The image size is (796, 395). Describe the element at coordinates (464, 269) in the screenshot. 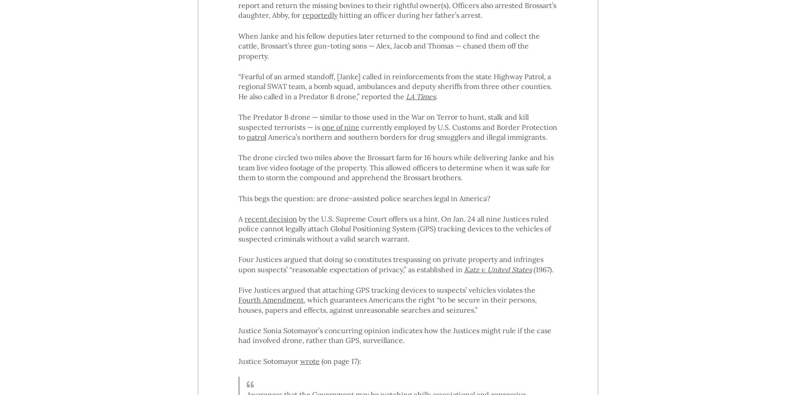

I see `'Katz v. United States'` at that location.